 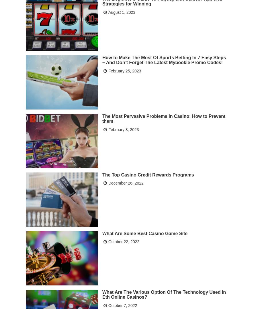 What do you see at coordinates (102, 59) in the screenshot?
I see `'How to Make The Most Of Sports Betting In 7 Easy Steps – And Don’t Forget The Latest Mybookie Promo Codes!'` at bounding box center [102, 59].